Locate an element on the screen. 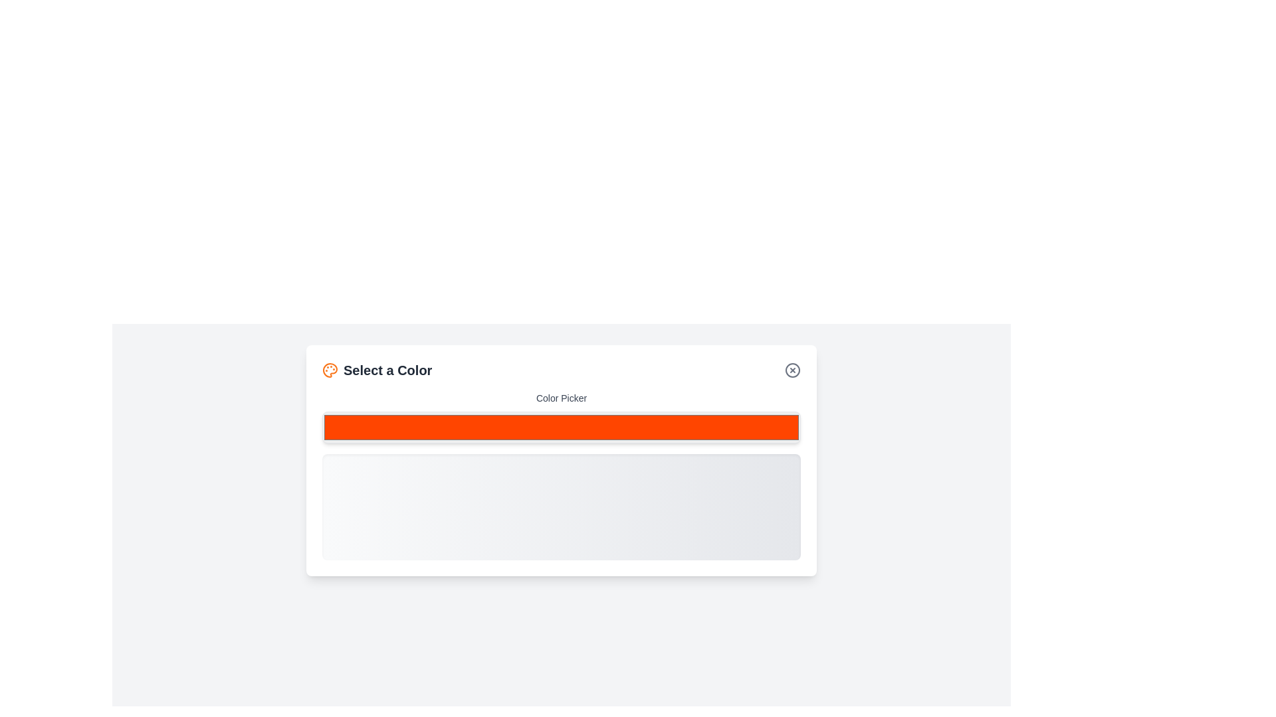  the circular close button with an 'X' shape located at the top-right of the 'Select a Color' section is located at coordinates (793, 370).